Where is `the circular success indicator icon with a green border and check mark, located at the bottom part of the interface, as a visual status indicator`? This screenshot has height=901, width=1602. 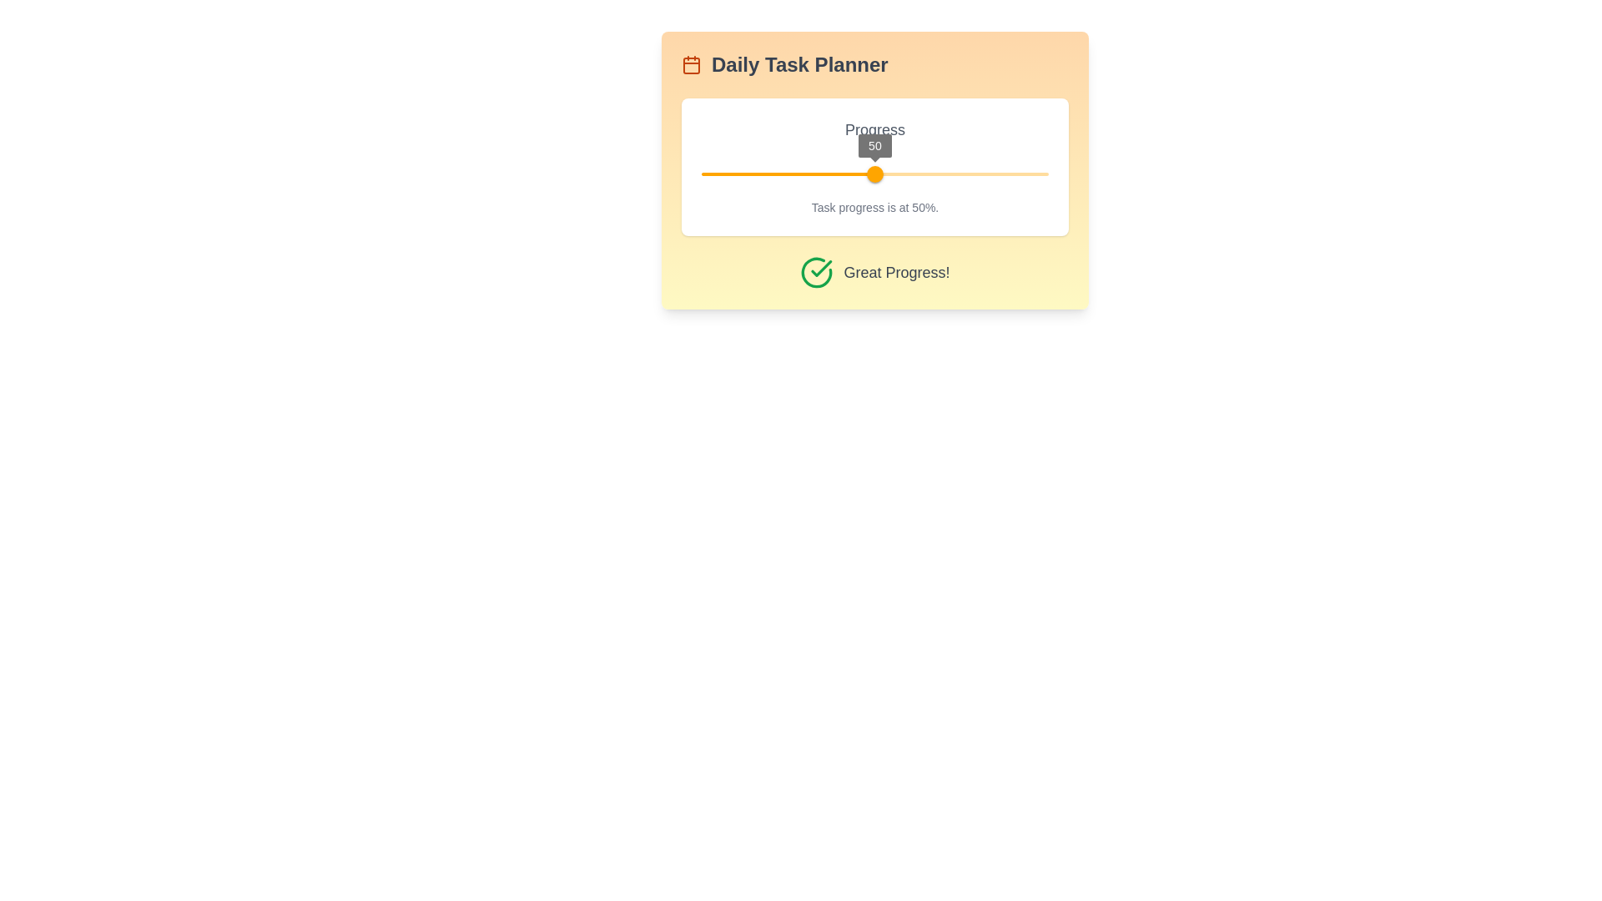 the circular success indicator icon with a green border and check mark, located at the bottom part of the interface, as a visual status indicator is located at coordinates (817, 272).